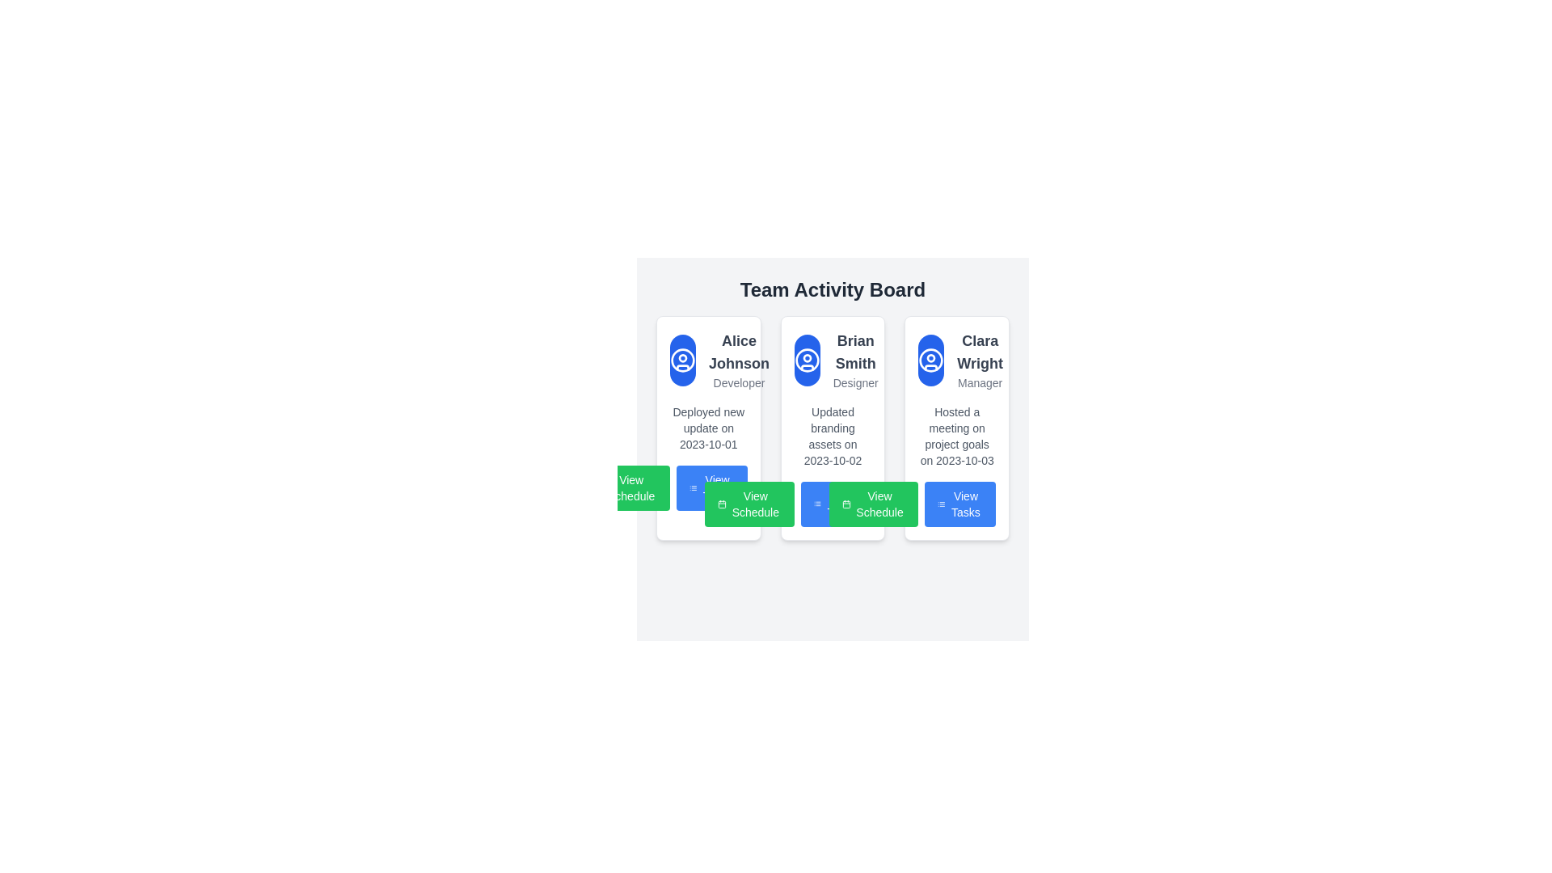 Image resolution: width=1552 pixels, height=873 pixels. What do you see at coordinates (872, 504) in the screenshot?
I see `the green 'View Schedule' button with a calendar icon` at bounding box center [872, 504].